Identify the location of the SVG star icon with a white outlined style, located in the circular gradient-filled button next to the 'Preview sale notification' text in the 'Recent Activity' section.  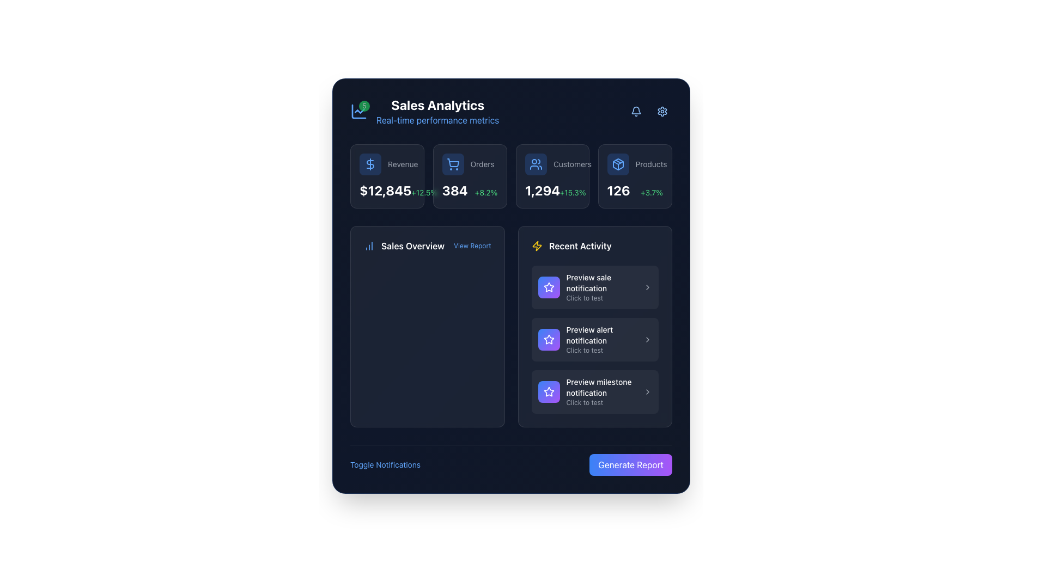
(549, 339).